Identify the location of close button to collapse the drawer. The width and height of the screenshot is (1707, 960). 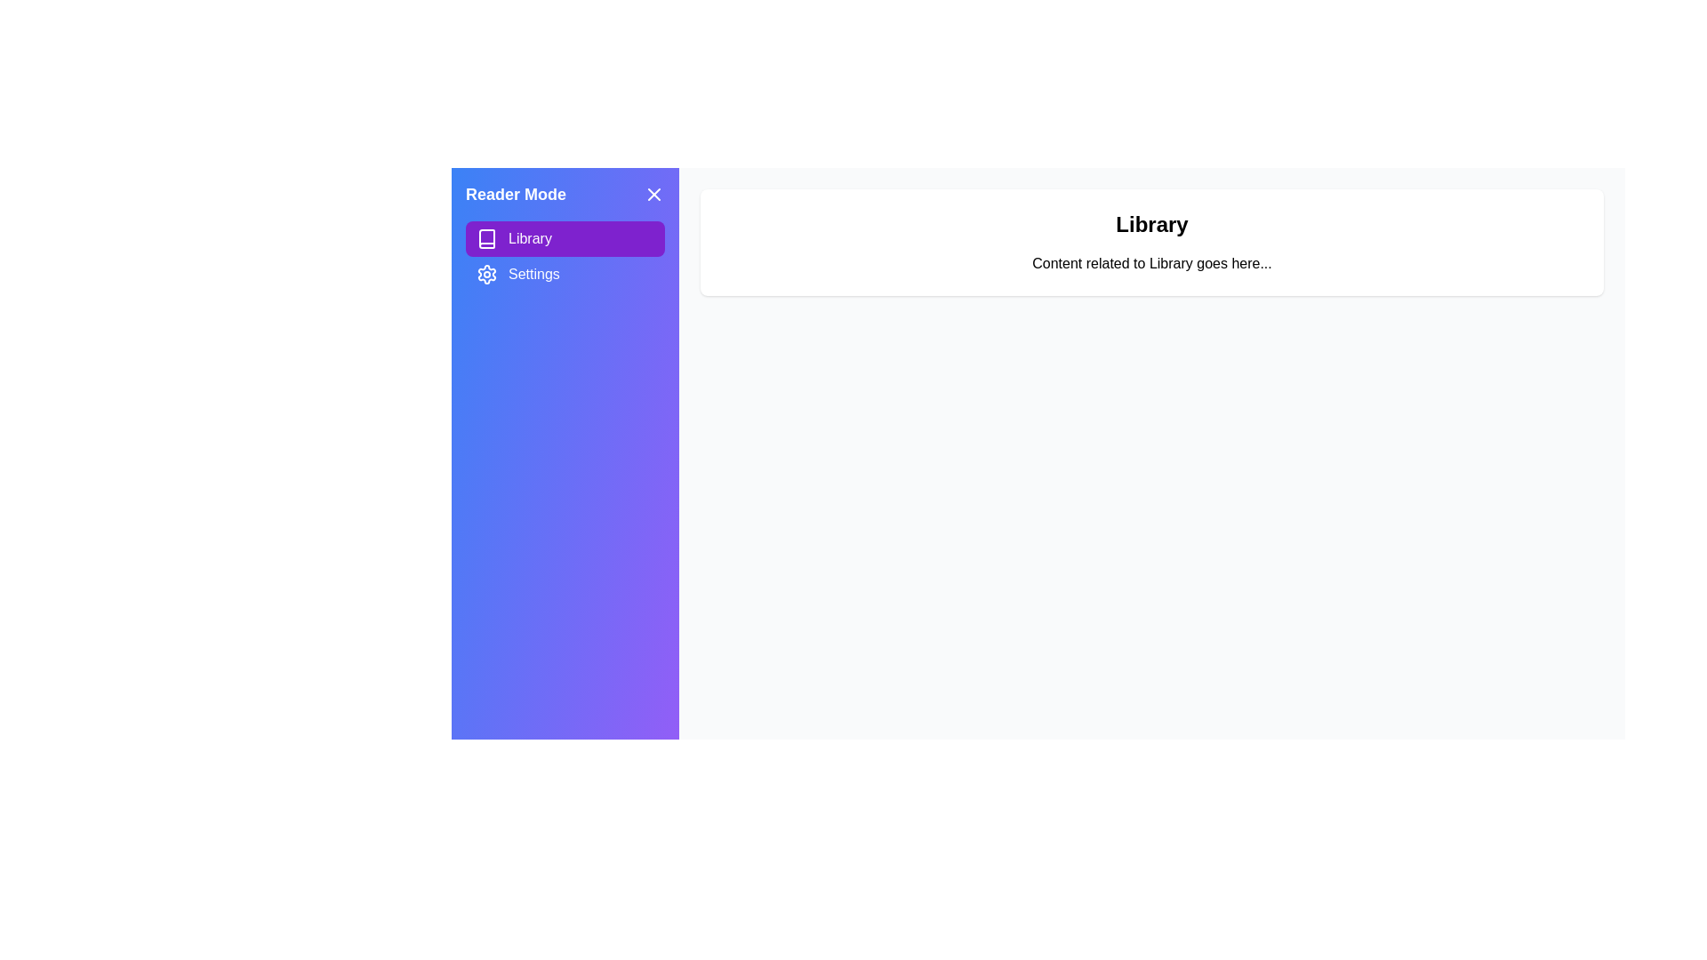
(653, 195).